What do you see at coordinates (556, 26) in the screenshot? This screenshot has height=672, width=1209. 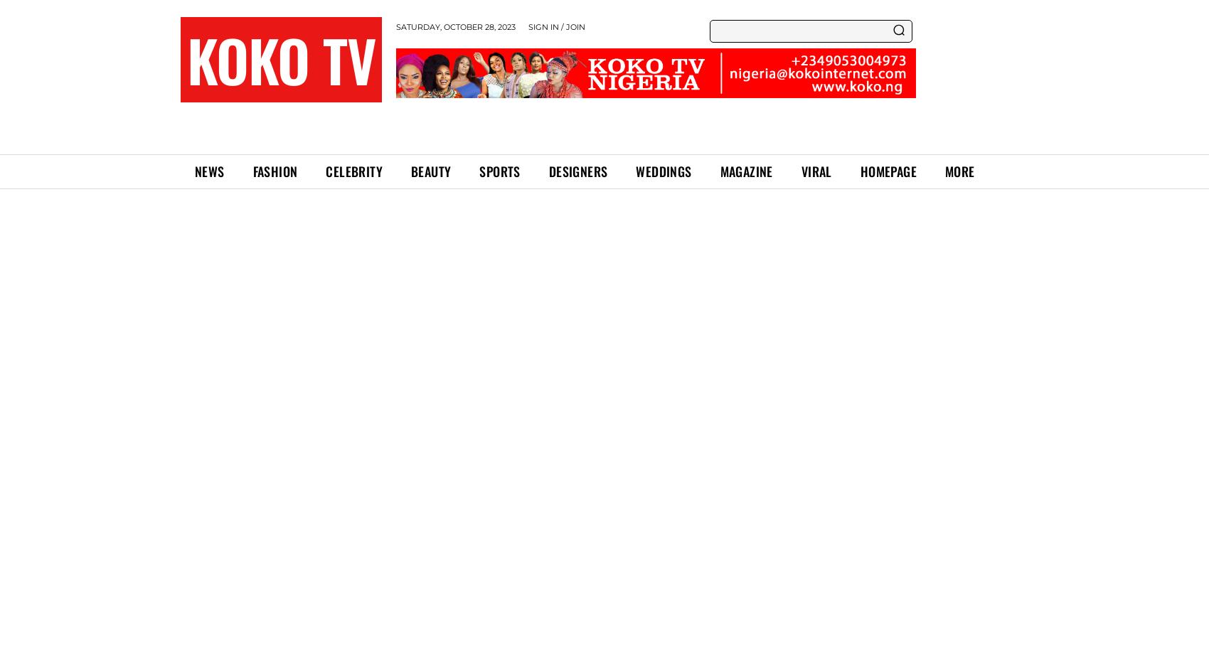 I see `'Sign in / Join'` at bounding box center [556, 26].